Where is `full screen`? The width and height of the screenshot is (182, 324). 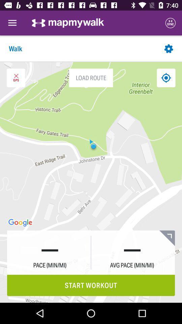 full screen is located at coordinates (166, 238).